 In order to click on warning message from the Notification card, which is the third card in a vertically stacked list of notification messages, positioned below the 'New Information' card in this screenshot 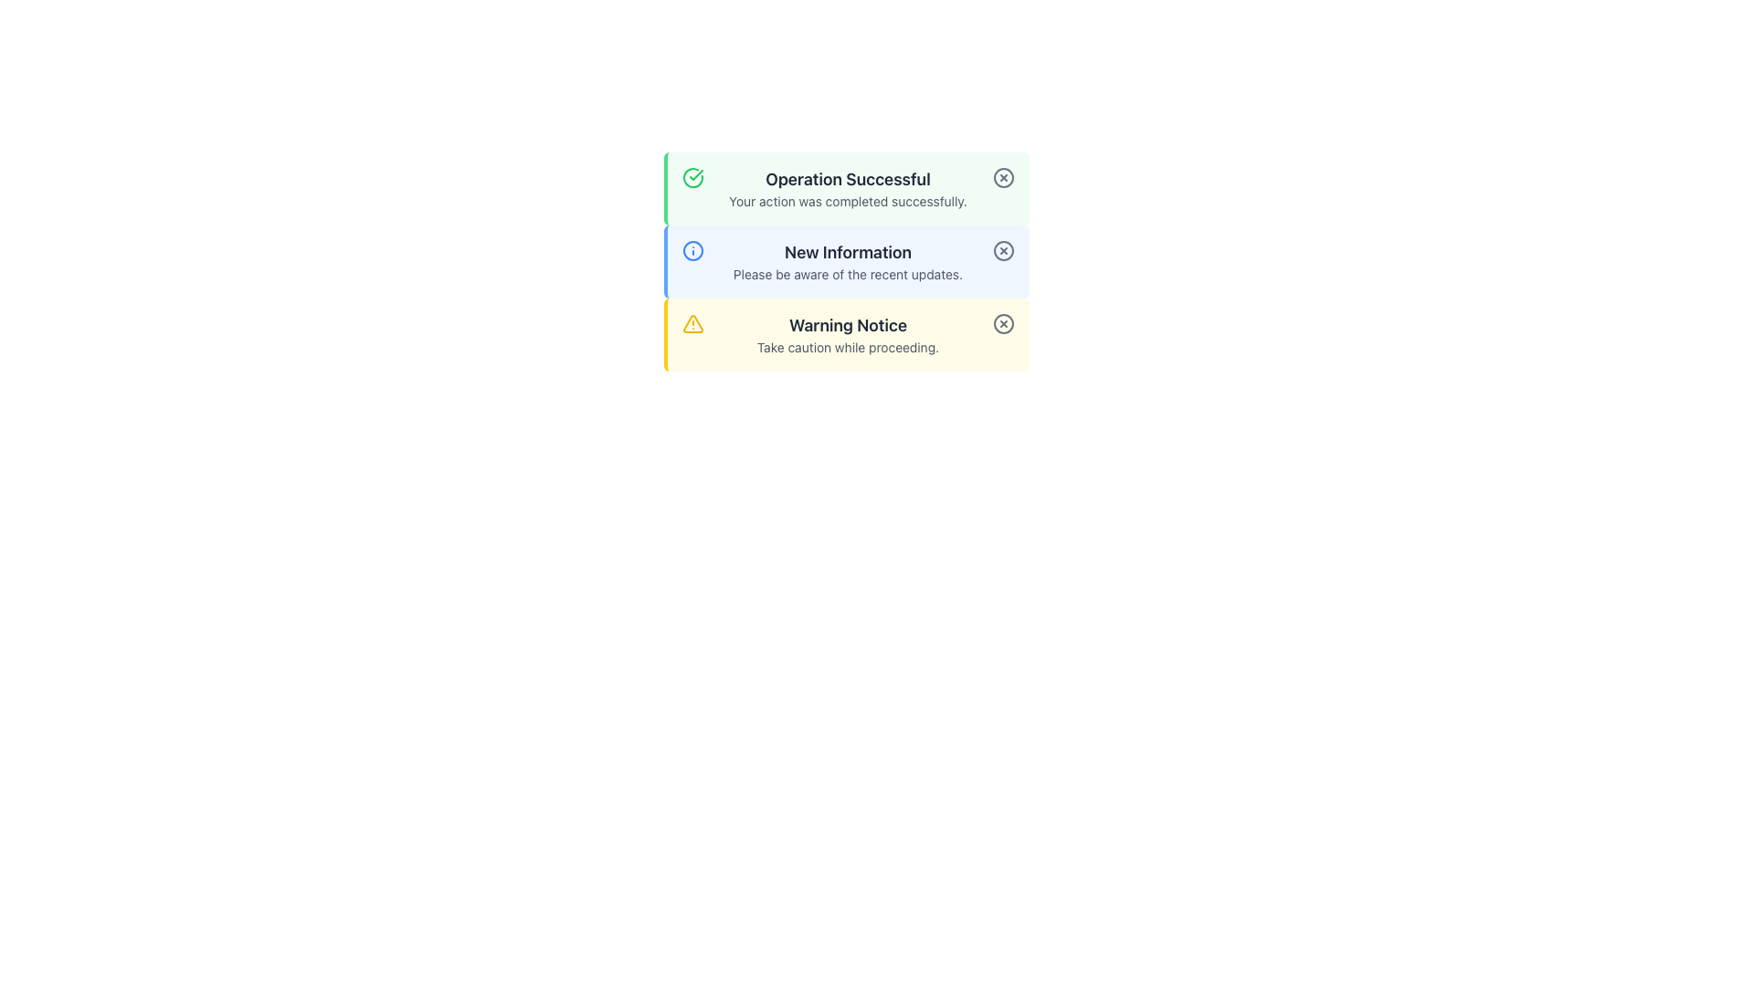, I will do `click(845, 334)`.